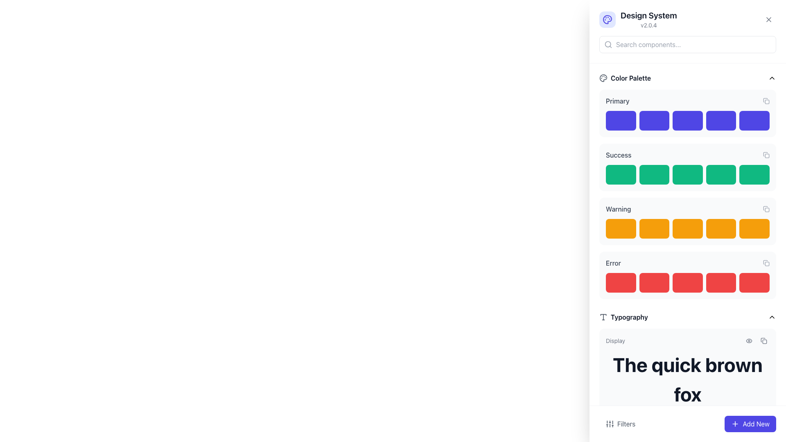  What do you see at coordinates (756, 341) in the screenshot?
I see `the eye icon in the Typography section to preview the typography style located above the text 'The quick brown fox'` at bounding box center [756, 341].